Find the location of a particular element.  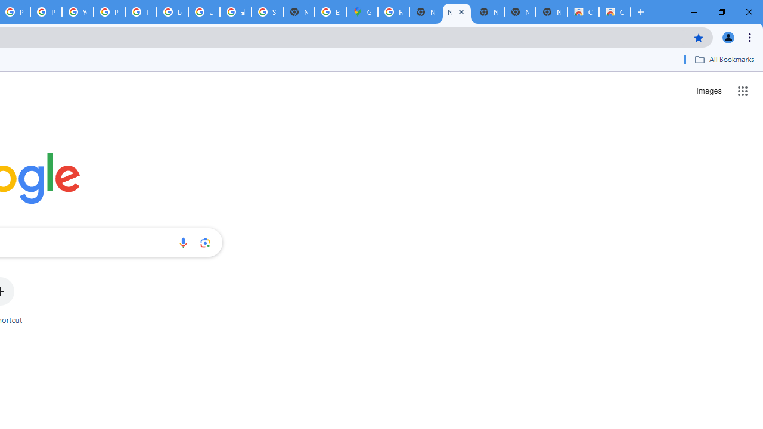

'Google apps' is located at coordinates (742, 91).